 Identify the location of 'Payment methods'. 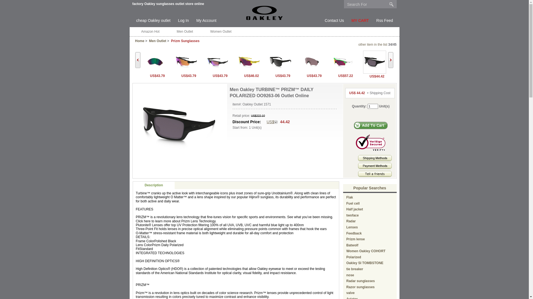
(375, 167).